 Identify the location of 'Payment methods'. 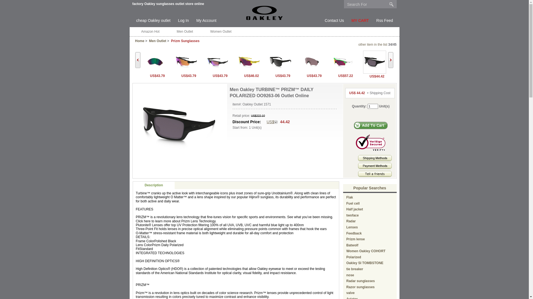
(375, 167).